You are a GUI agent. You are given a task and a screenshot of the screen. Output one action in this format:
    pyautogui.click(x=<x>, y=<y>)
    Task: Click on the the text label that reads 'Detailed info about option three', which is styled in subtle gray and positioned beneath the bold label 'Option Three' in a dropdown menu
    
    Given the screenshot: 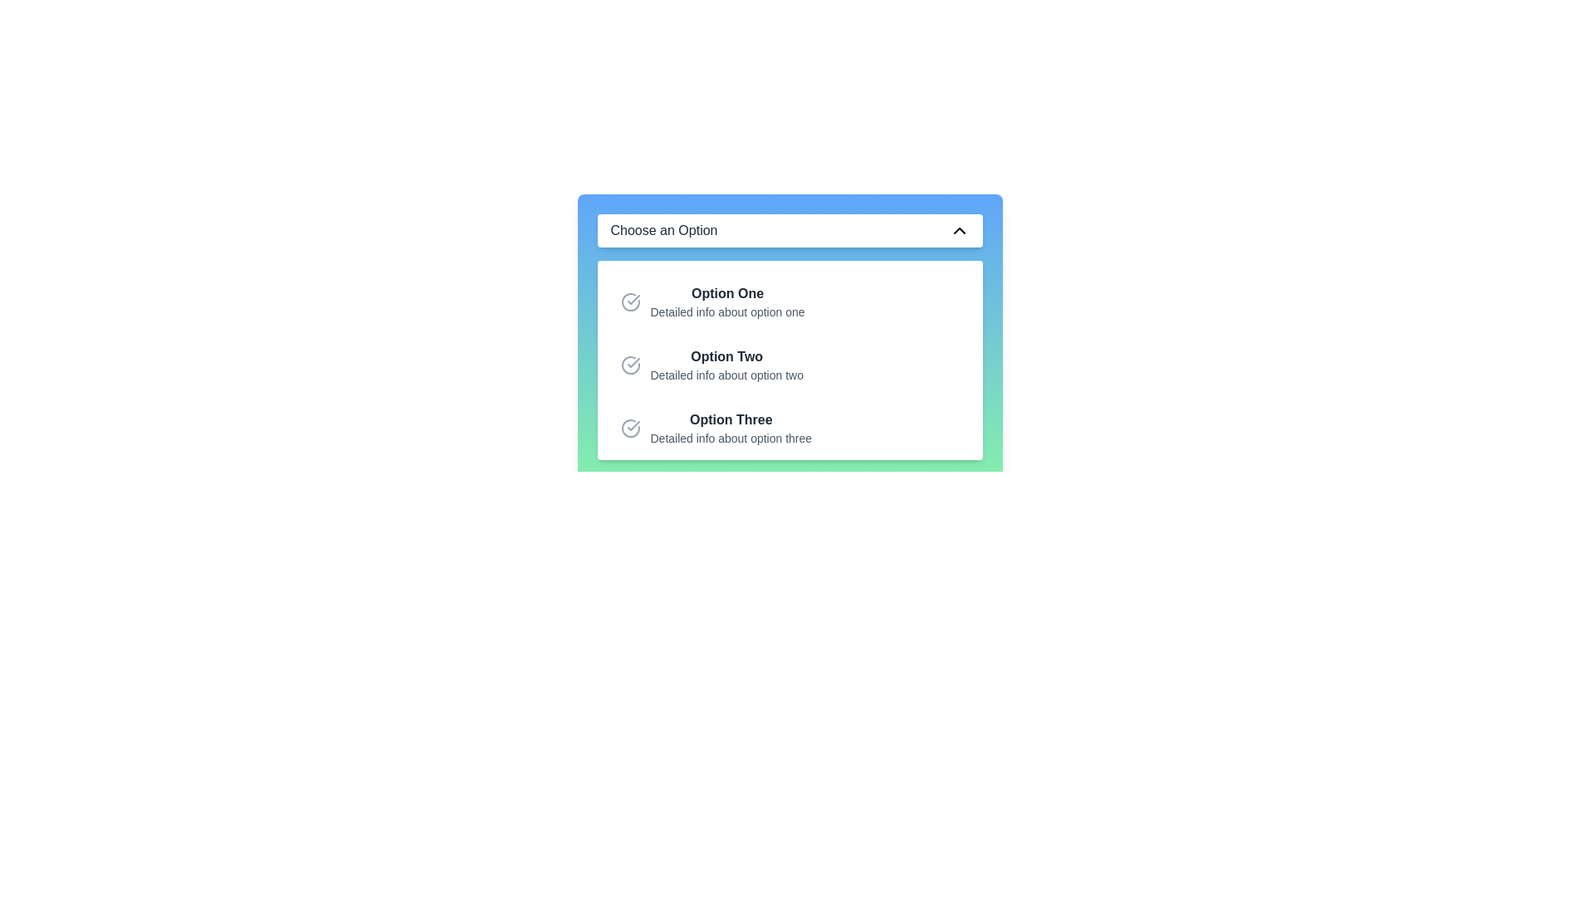 What is the action you would take?
    pyautogui.click(x=731, y=438)
    